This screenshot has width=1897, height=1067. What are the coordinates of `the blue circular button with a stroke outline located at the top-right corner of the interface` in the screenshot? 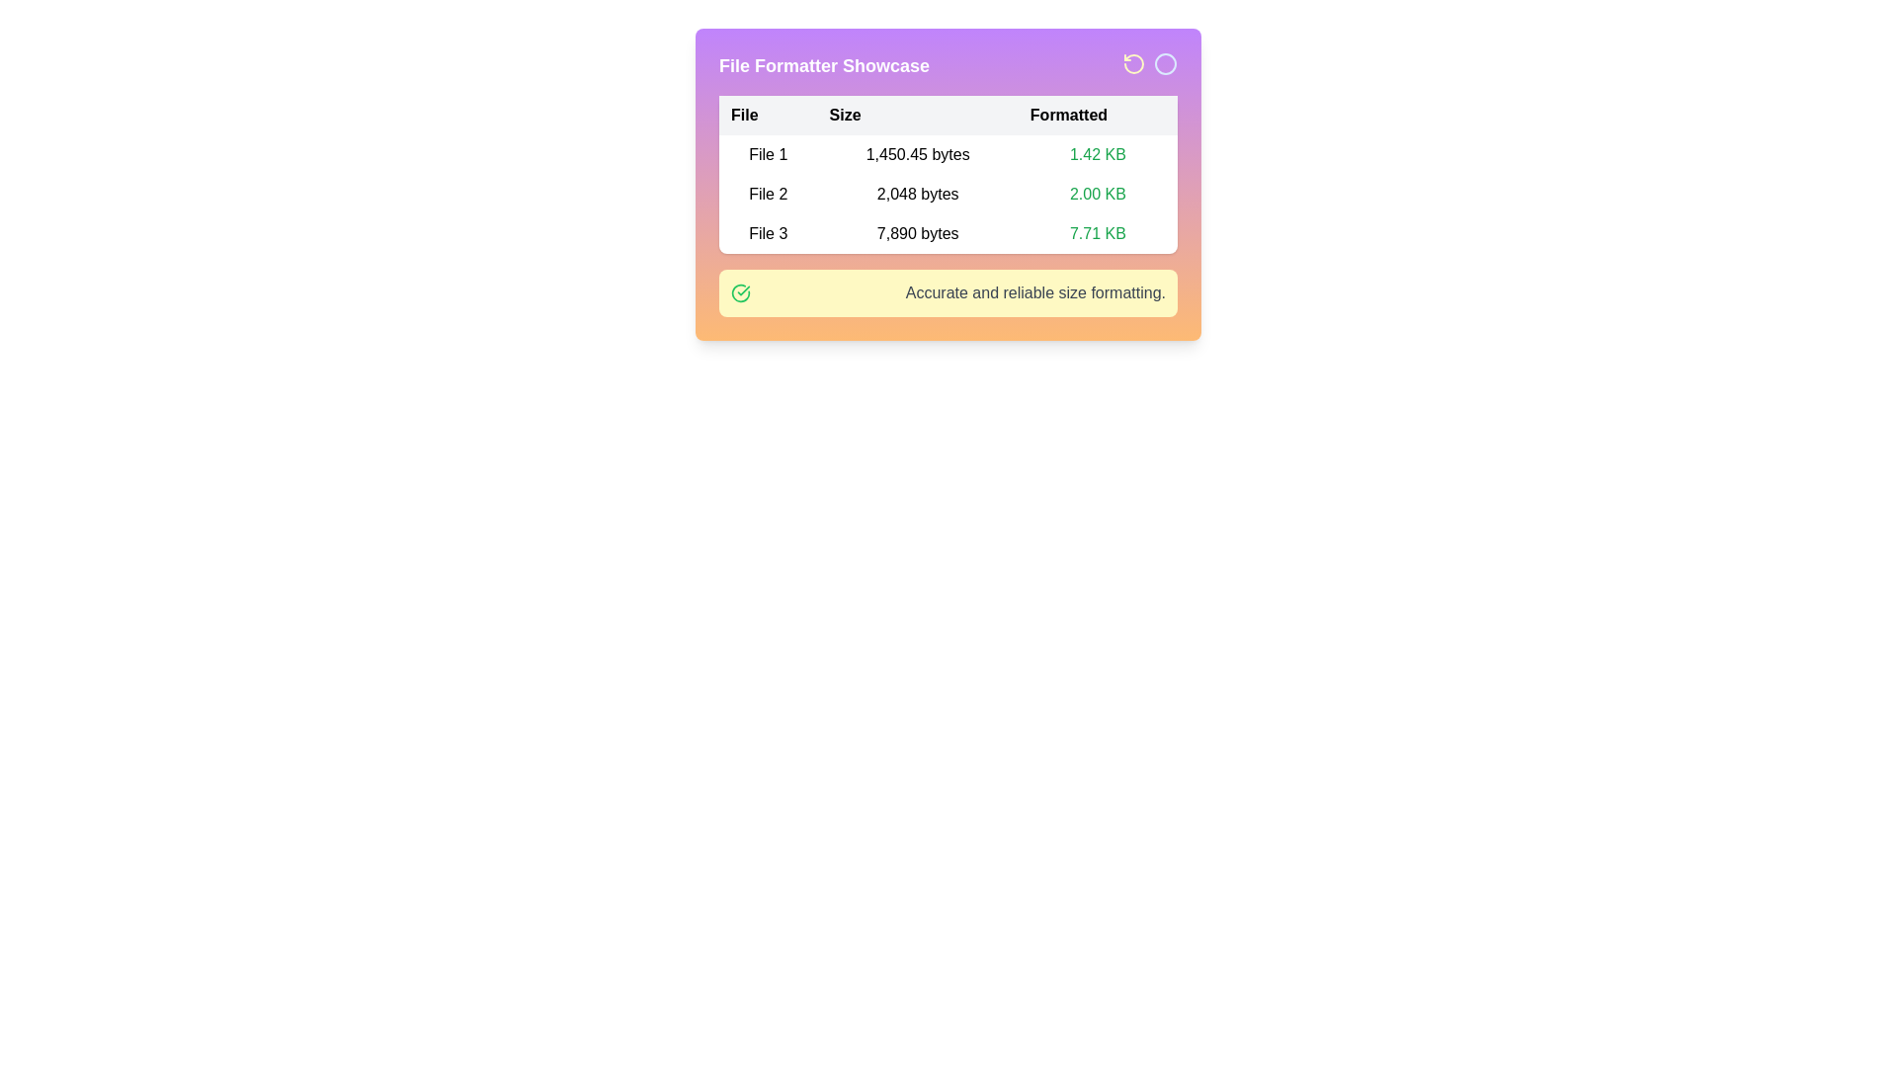 It's located at (1166, 63).